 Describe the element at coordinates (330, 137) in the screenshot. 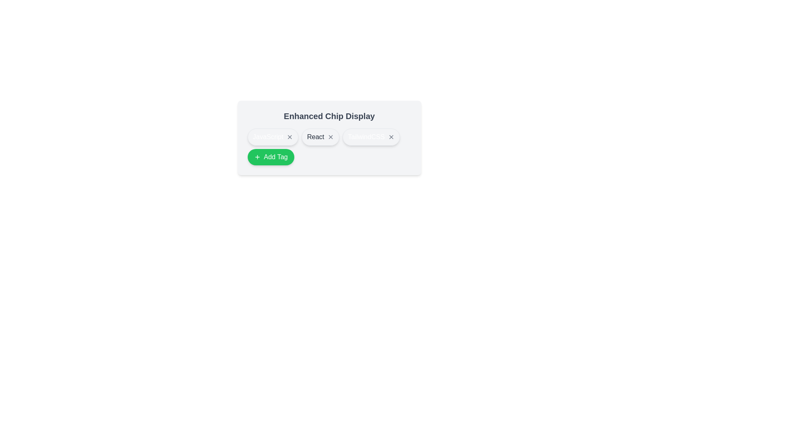

I see `the tag by clicking on the close icon of the tag with text React` at that location.